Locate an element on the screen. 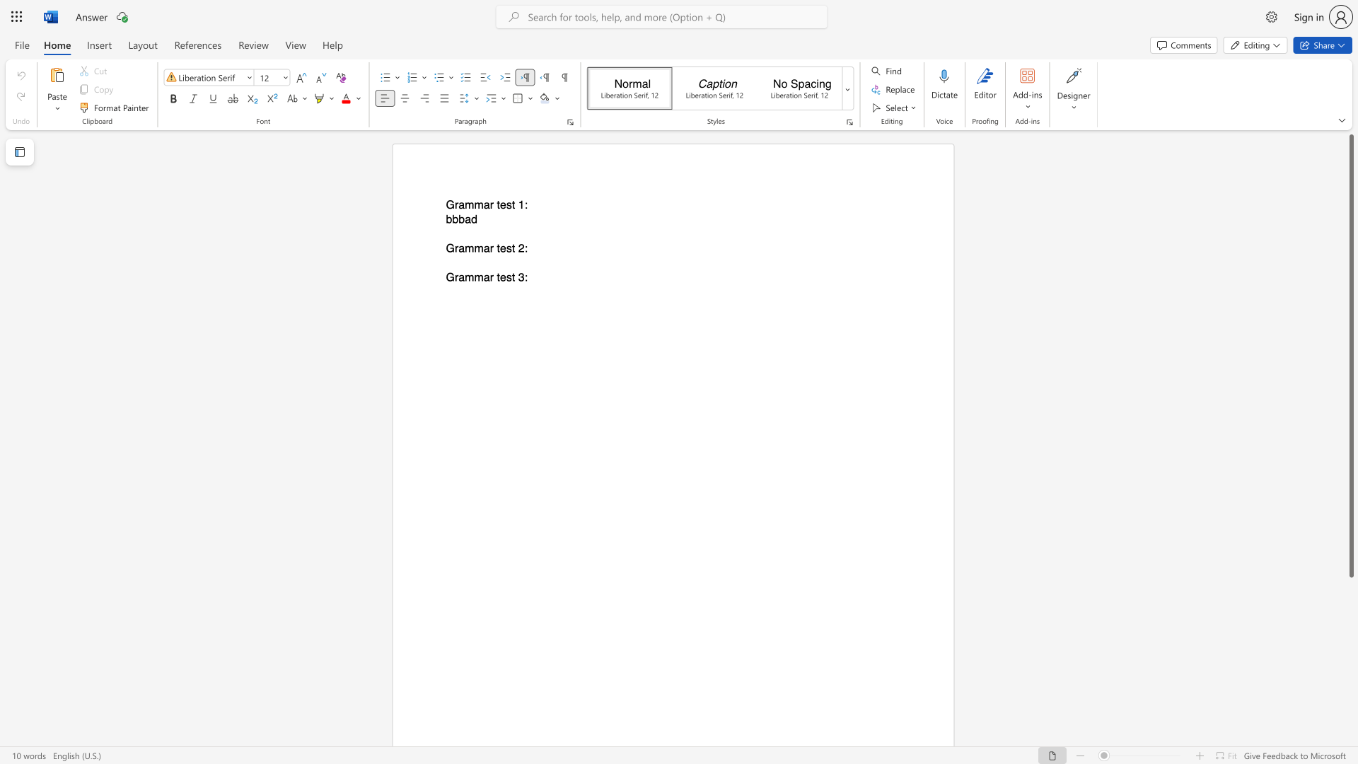 The width and height of the screenshot is (1358, 764). the scrollbar to move the page downward is located at coordinates (1350, 678).